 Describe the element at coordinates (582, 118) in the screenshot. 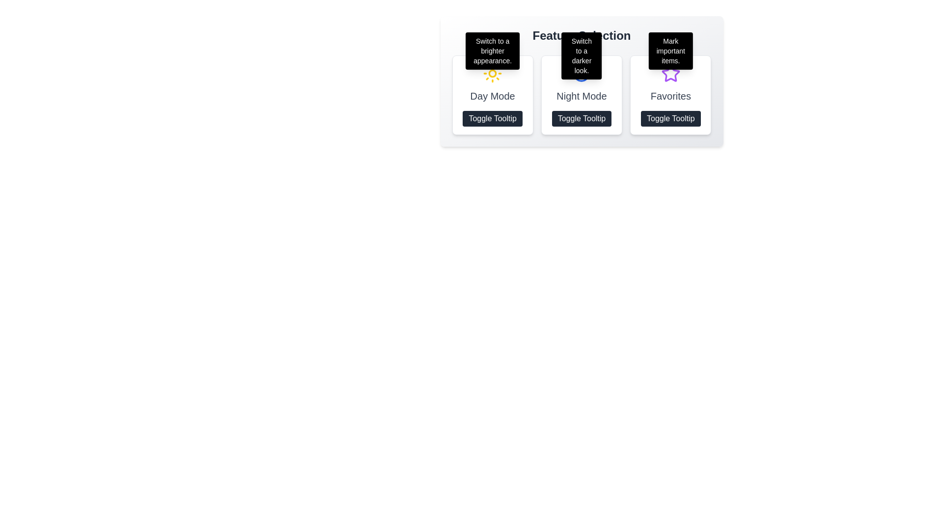

I see `the button that toggles the visibility of a tooltip, located below the 'Night Mode' title in the middle column of the interface` at that location.